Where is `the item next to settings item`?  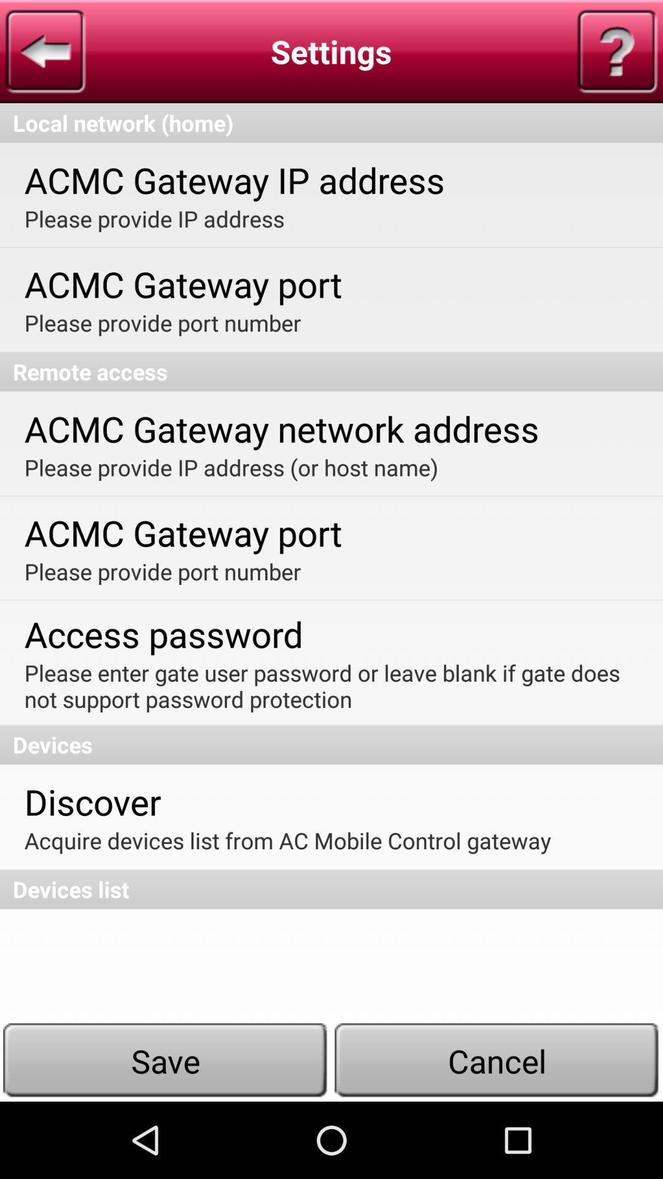 the item next to settings item is located at coordinates (45, 50).